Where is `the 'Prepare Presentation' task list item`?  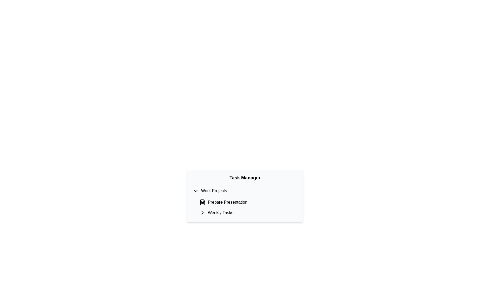
the 'Prepare Presentation' task list item is located at coordinates (248, 202).